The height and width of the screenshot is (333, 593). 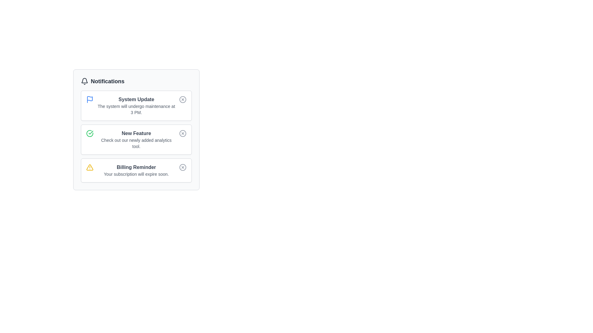 What do you see at coordinates (182, 133) in the screenshot?
I see `the close button located at the upper-right corner of the 'New Feature' notification card` at bounding box center [182, 133].